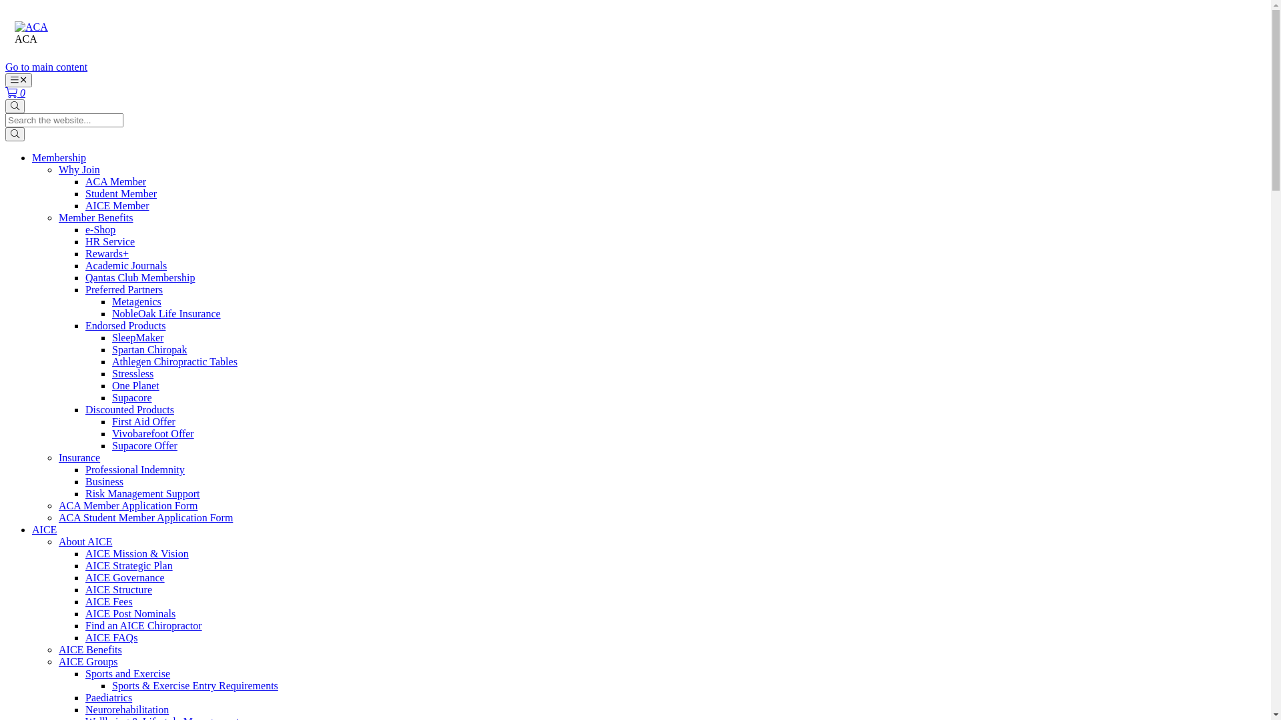 This screenshot has height=720, width=1281. What do you see at coordinates (79, 169) in the screenshot?
I see `'Why Join'` at bounding box center [79, 169].